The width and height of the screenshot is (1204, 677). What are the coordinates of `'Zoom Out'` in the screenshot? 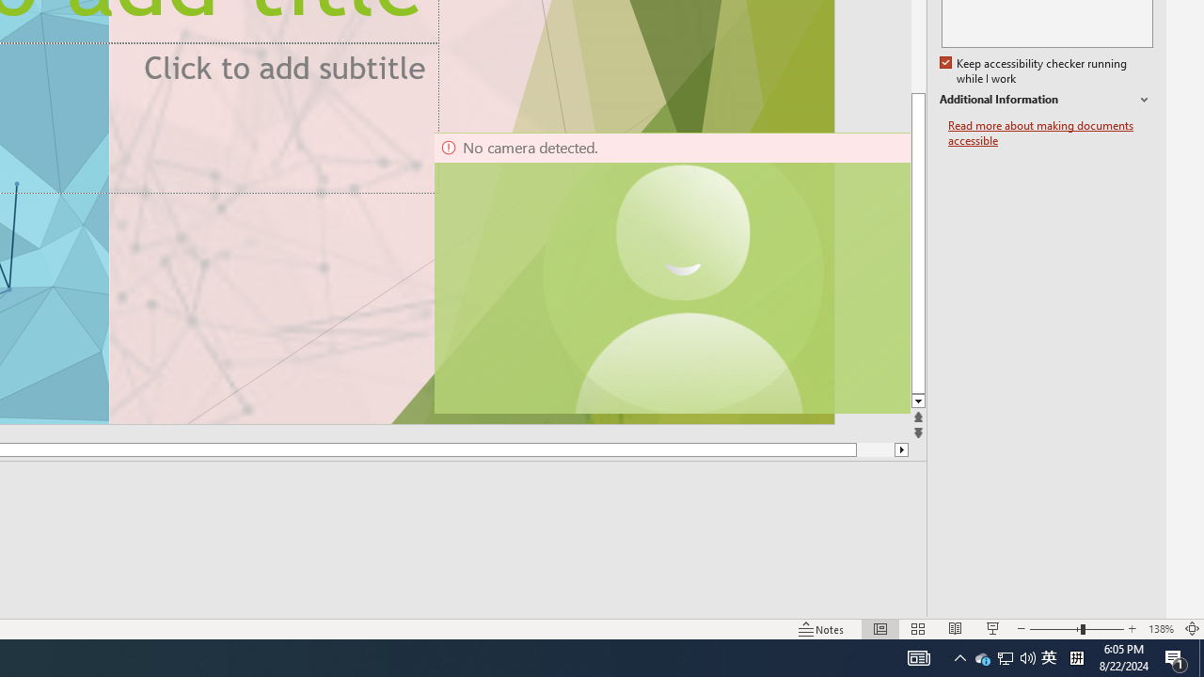 It's located at (1054, 629).